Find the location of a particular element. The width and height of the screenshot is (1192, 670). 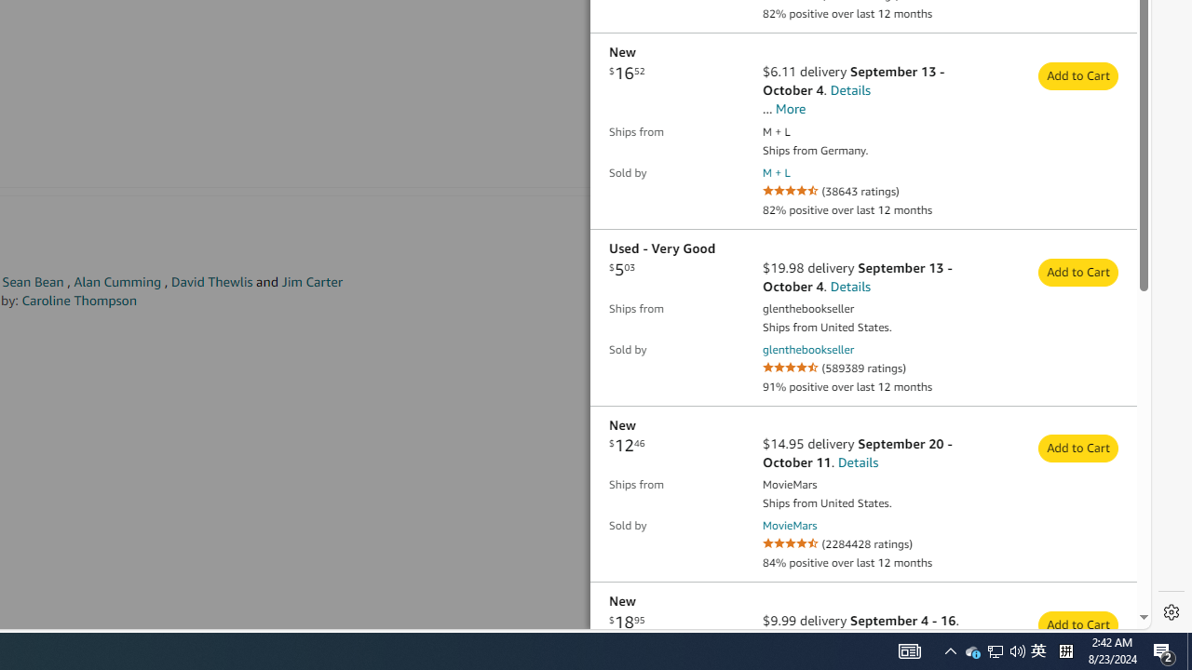

'Jim Carter' is located at coordinates (312, 282).